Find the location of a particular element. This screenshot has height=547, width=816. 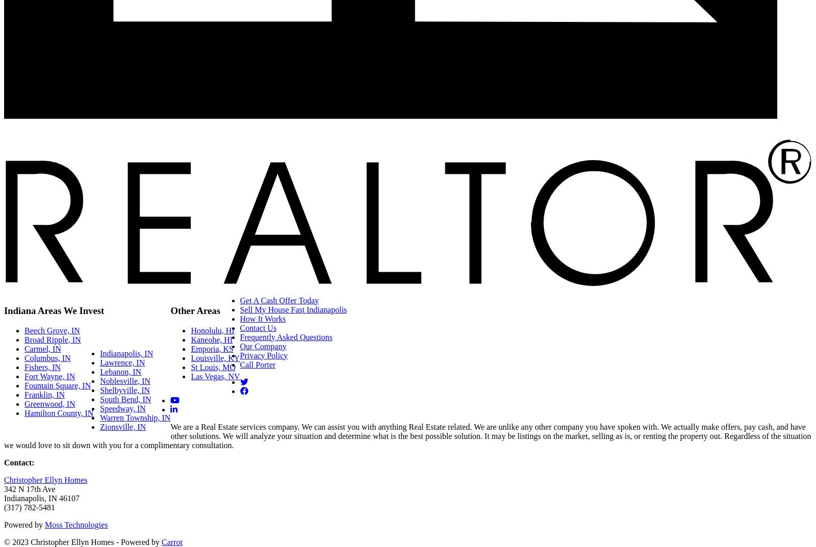

'Contact:' is located at coordinates (18, 462).